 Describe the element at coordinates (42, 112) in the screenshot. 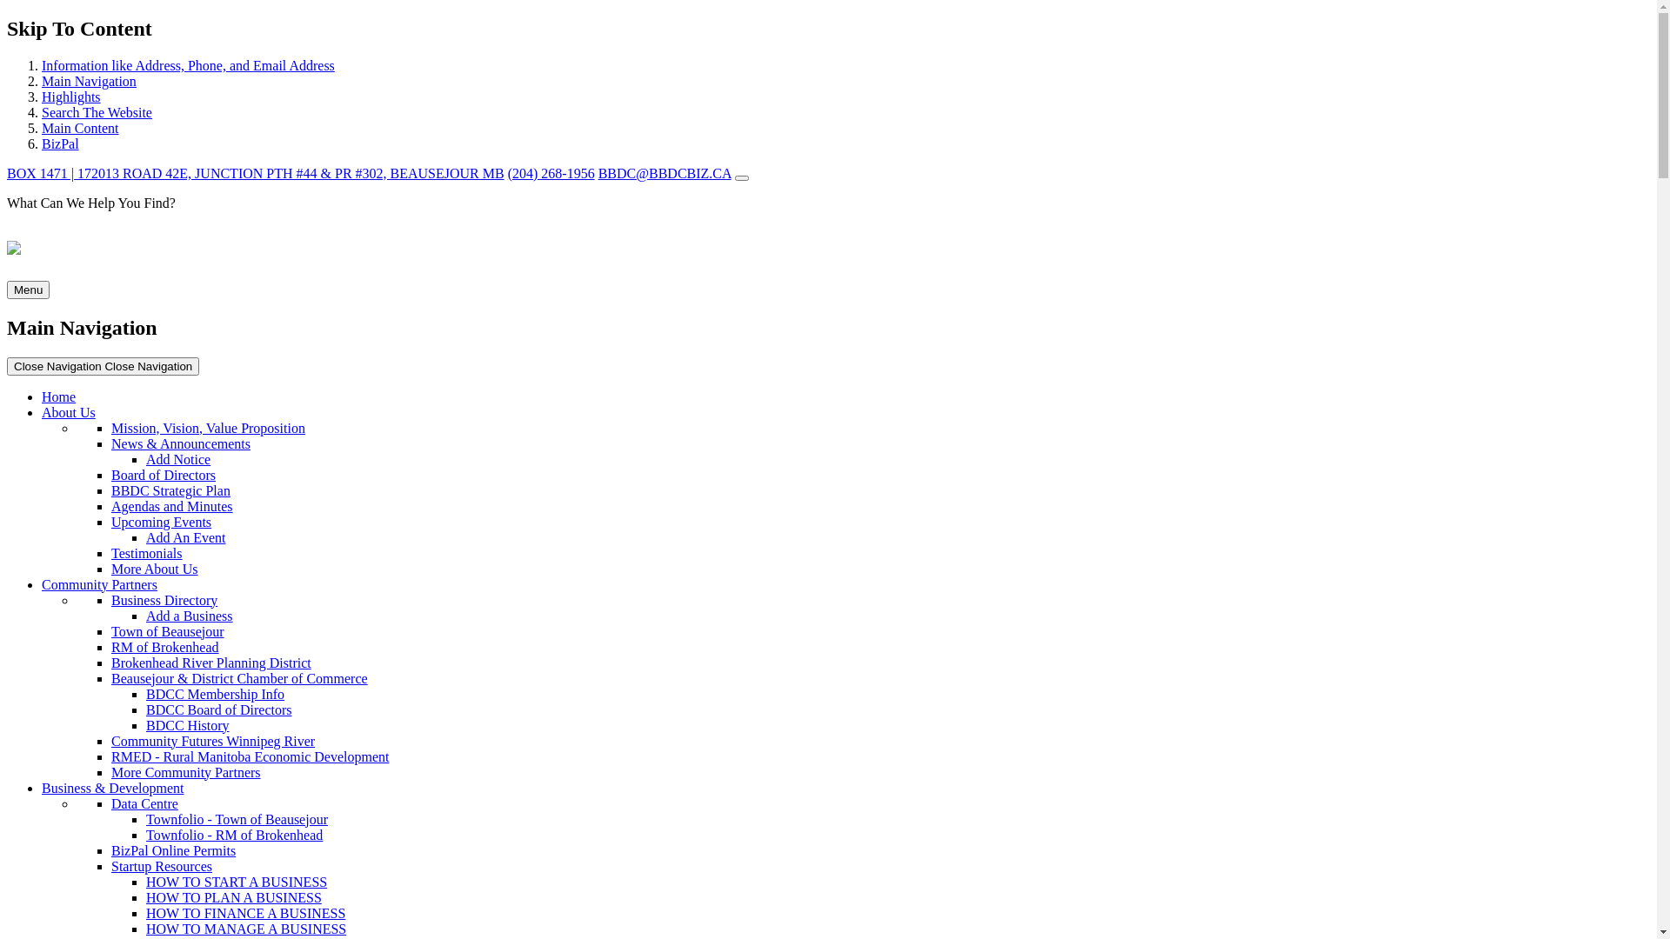

I see `'Search The Website'` at that location.